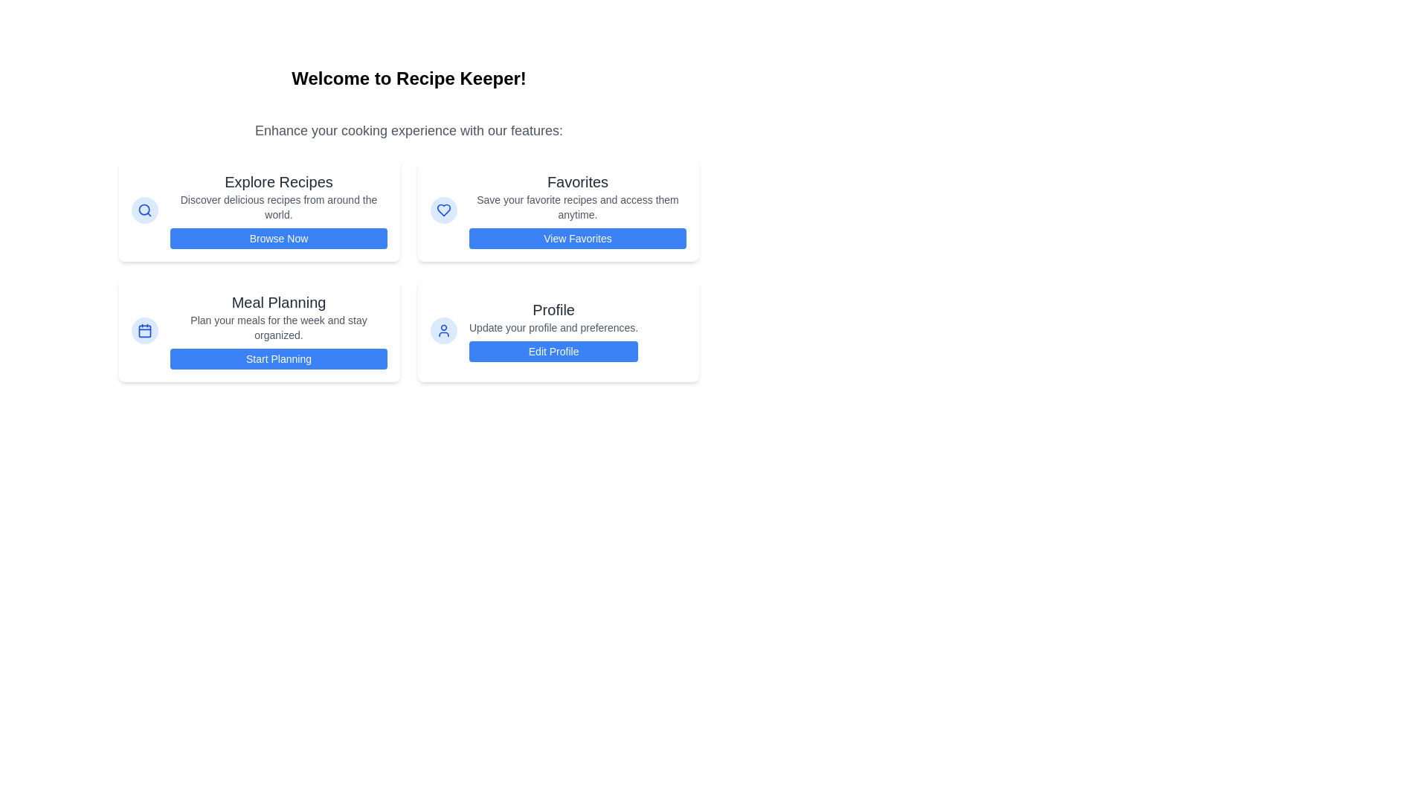 This screenshot has height=803, width=1428. Describe the element at coordinates (278, 326) in the screenshot. I see `the static text block that provides information about the 'Meal Planning' feature, which is located between the title 'Meal Planning' and the button 'Start Planning'` at that location.